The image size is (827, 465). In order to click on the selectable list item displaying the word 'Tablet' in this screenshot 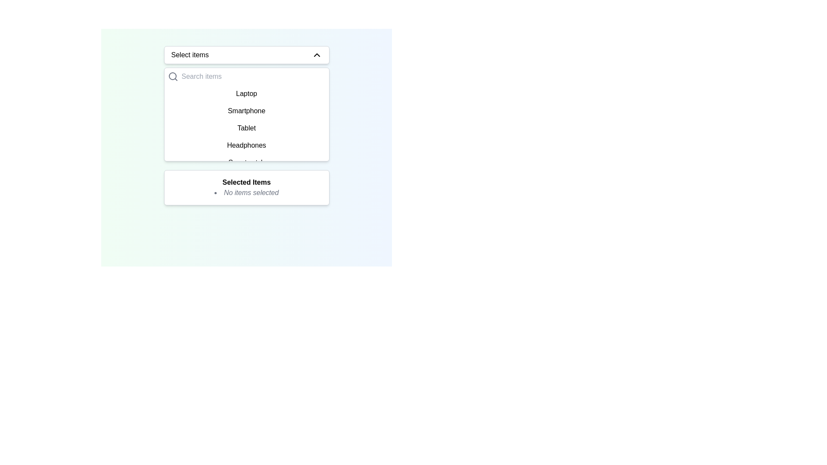, I will do `click(246, 128)`.